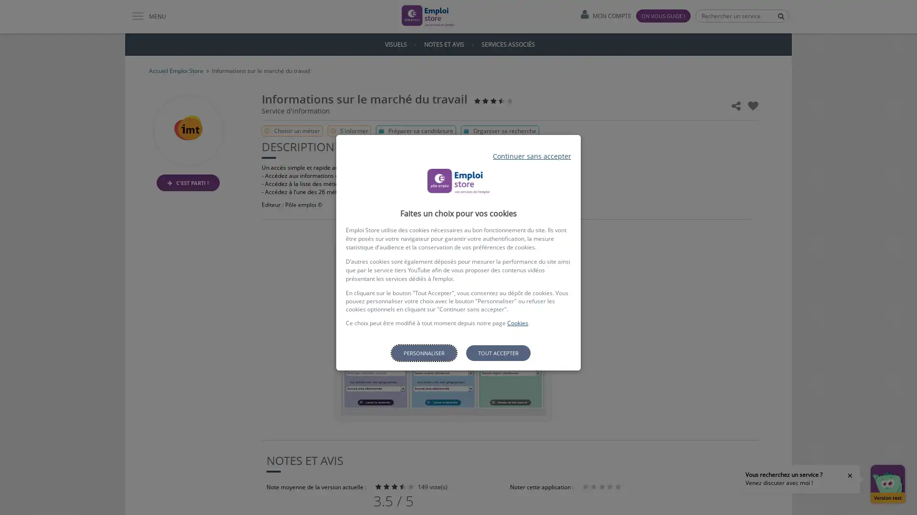  What do you see at coordinates (423, 353) in the screenshot?
I see `Personnaliser les parametres de confidentialite` at bounding box center [423, 353].